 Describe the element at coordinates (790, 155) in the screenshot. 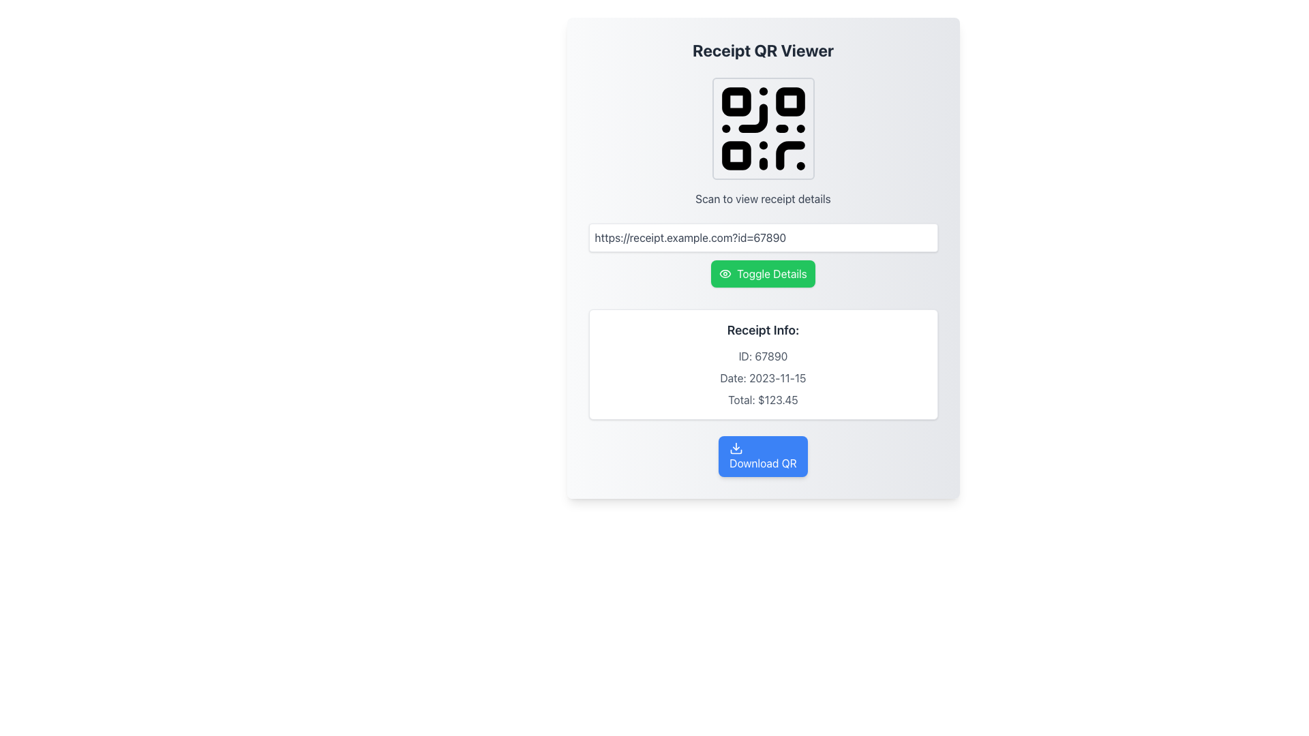

I see `the curved line segment that is part of a QR code graphic located in the top section of the interface above the input field` at that location.